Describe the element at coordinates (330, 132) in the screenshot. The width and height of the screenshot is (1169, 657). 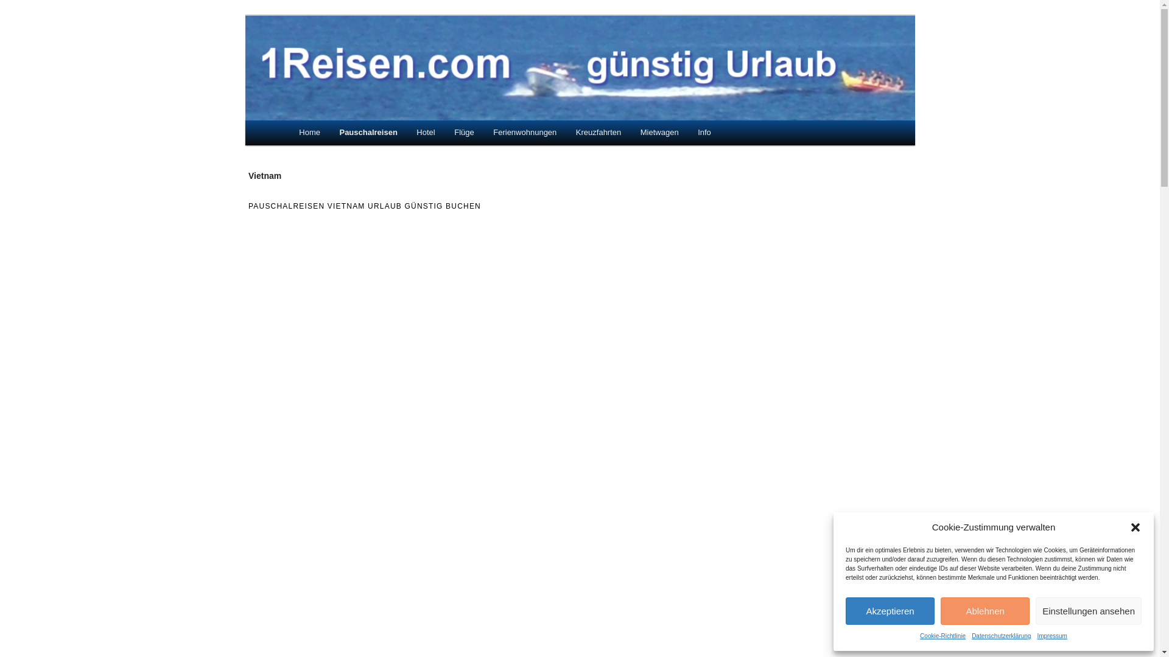
I see `'Pauschalreisen'` at that location.